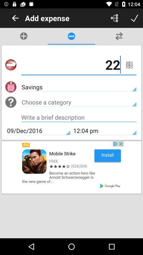 This screenshot has width=143, height=255. Describe the element at coordinates (71, 167) in the screenshot. I see `advertisement` at that location.